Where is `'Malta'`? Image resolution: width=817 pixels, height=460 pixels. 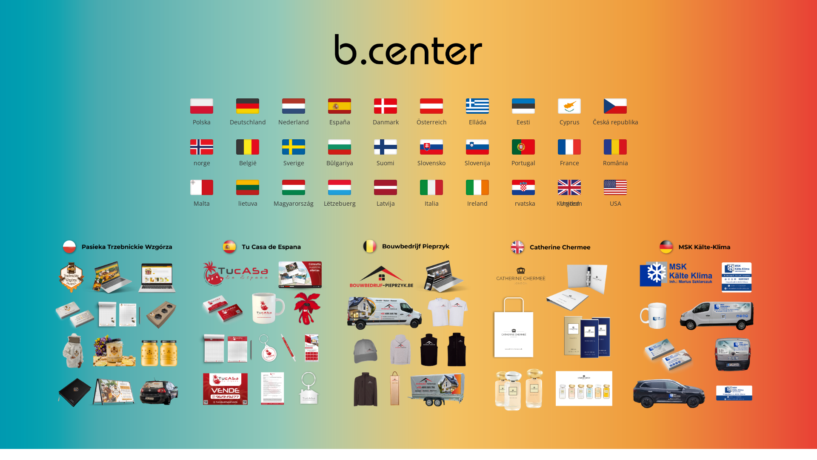
'Malta' is located at coordinates (201, 203).